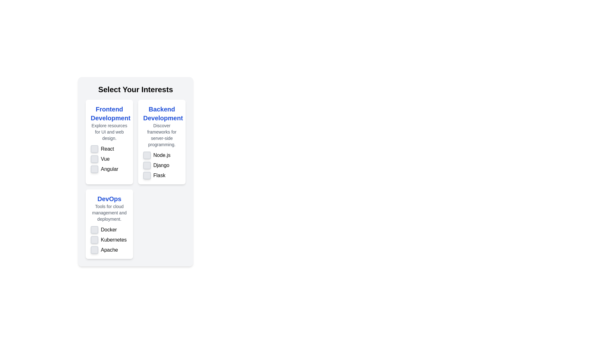  Describe the element at coordinates (162, 165) in the screenshot. I see `text of the label displaying 'Django', which is the second checkbox option in the 'Backend Development' section` at that location.